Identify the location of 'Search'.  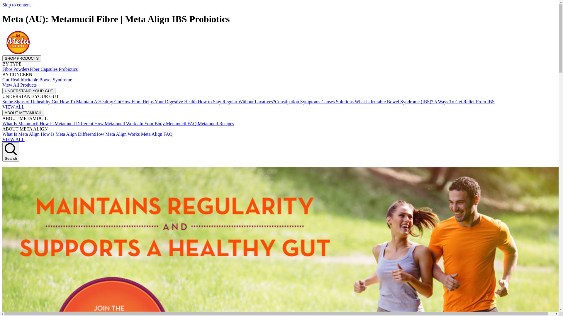
(11, 152).